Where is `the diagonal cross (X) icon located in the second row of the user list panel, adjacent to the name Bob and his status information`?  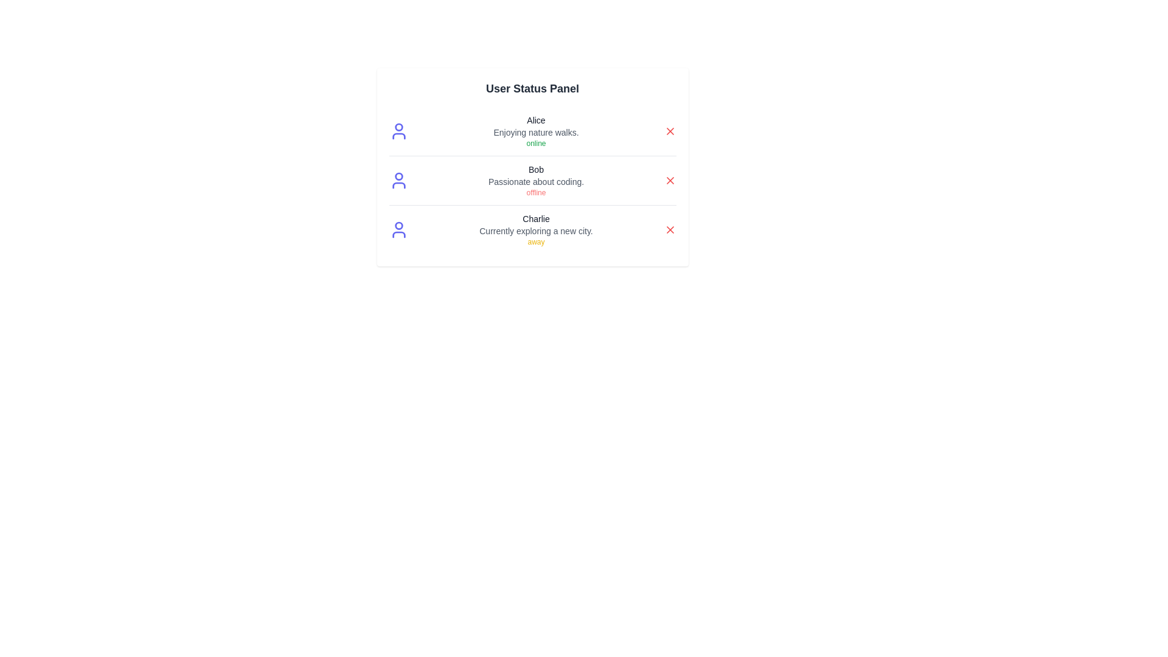
the diagonal cross (X) icon located in the second row of the user list panel, adjacent to the name Bob and his status information is located at coordinates (669, 181).